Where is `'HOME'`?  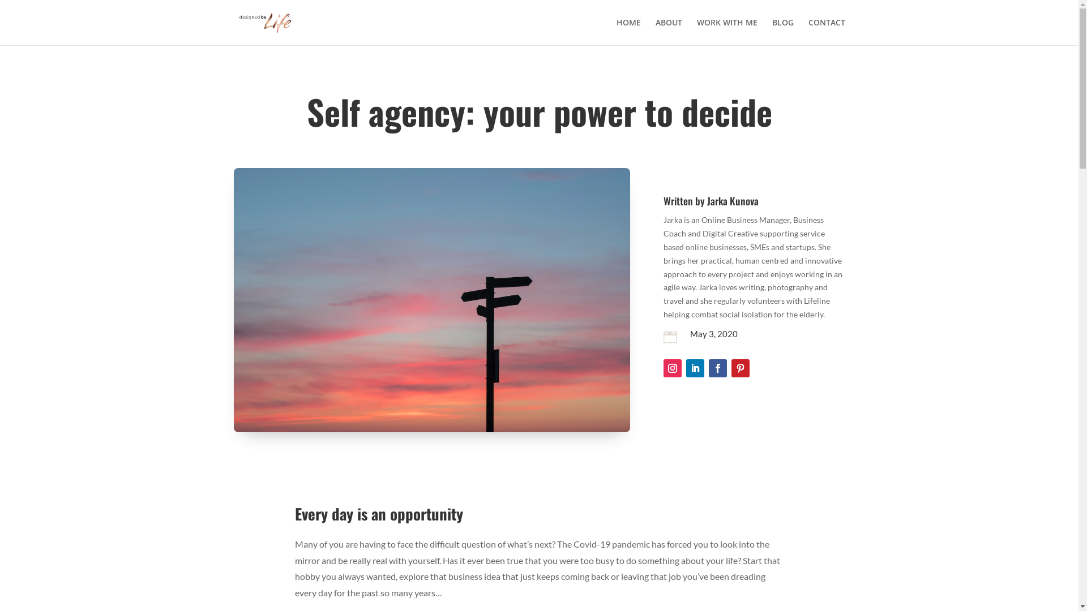
'HOME' is located at coordinates (627, 31).